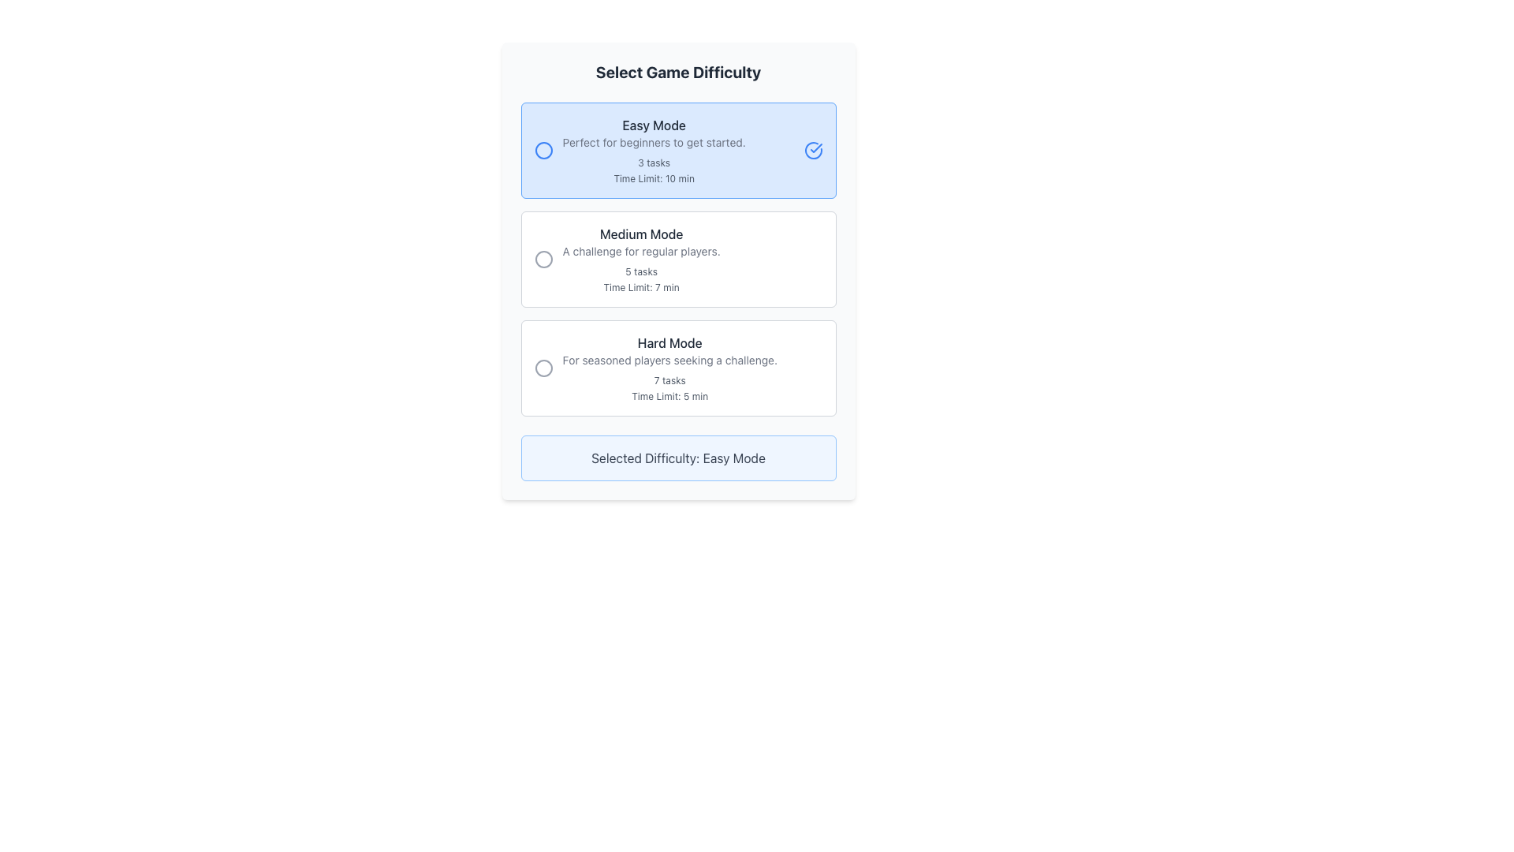  Describe the element at coordinates (669, 360) in the screenshot. I see `the text element that describes the 'Hard Mode' option, positioned below 'Hard Mode' and above the texts '7 tasks' and 'Time Limit: 5 min'` at that location.